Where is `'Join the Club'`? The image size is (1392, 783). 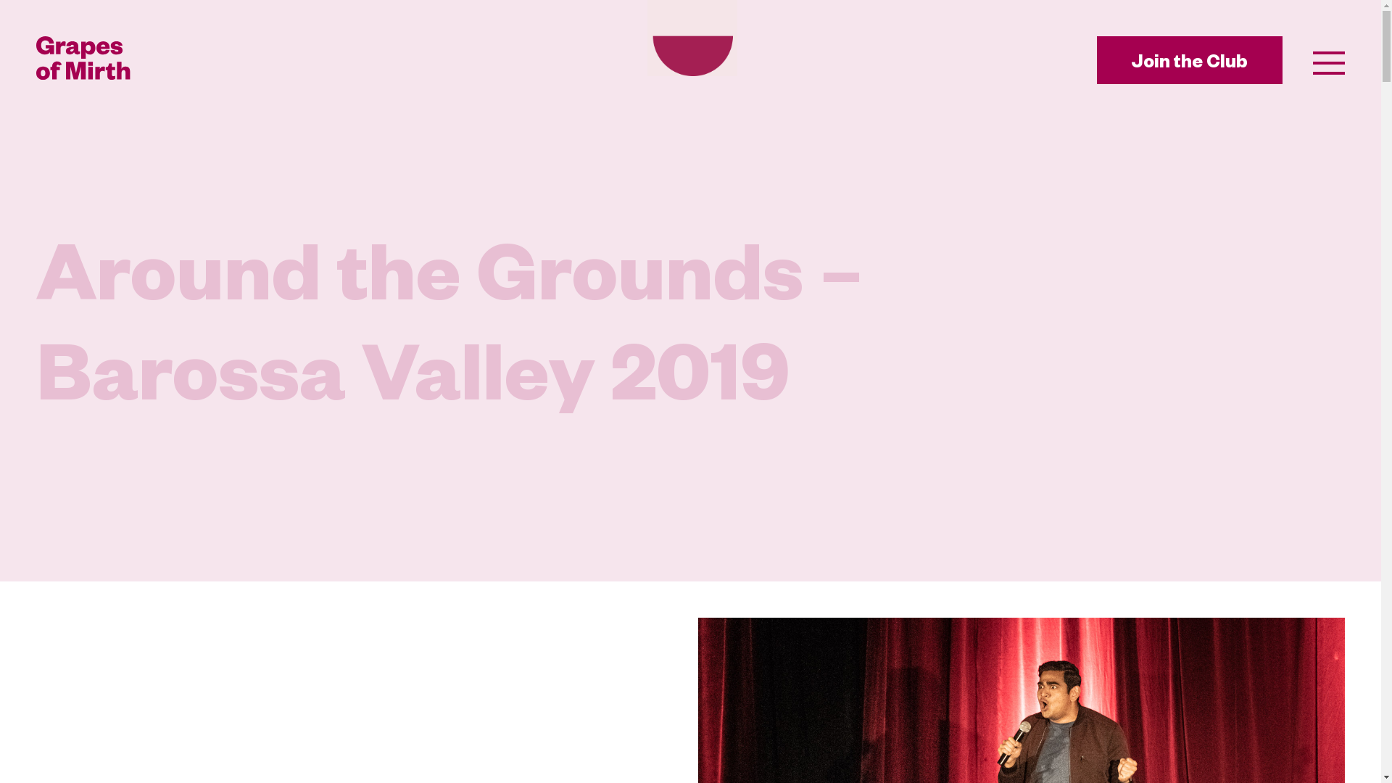 'Join the Club' is located at coordinates (1190, 59).